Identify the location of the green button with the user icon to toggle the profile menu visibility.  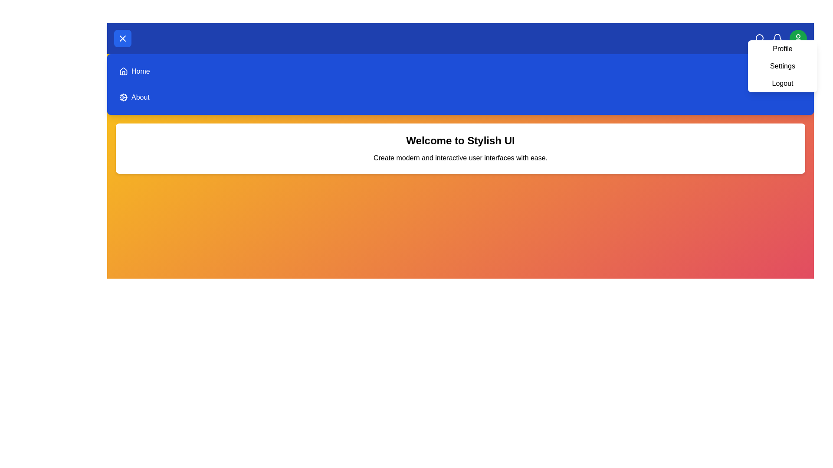
(798, 38).